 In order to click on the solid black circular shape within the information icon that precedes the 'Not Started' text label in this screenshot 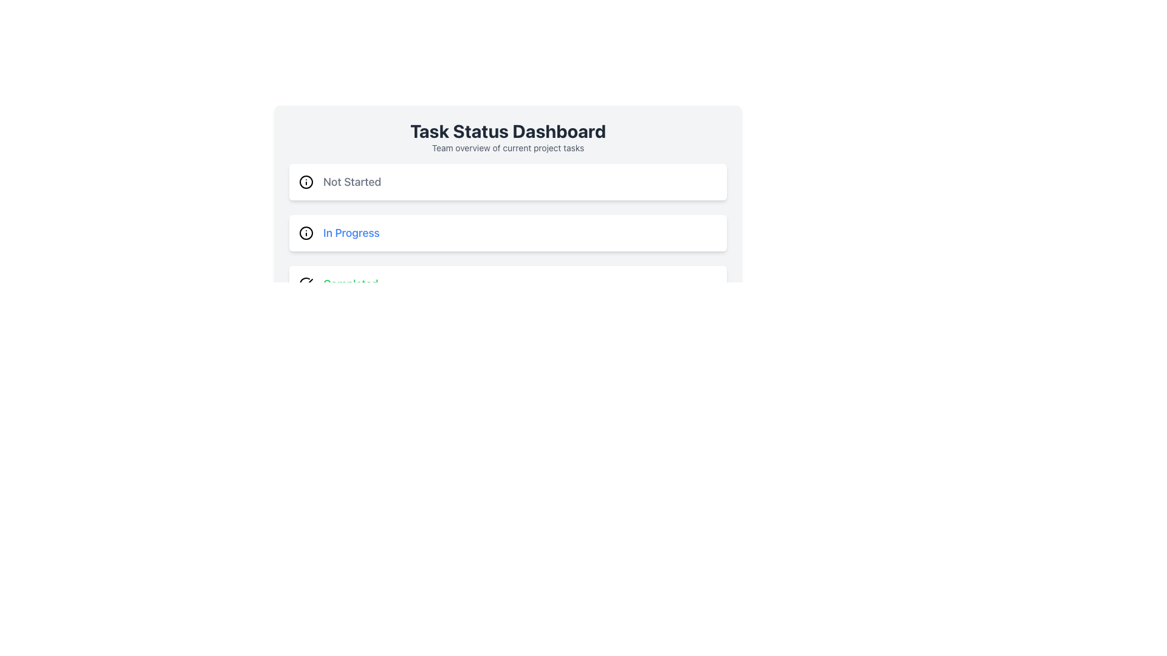, I will do `click(306, 233)`.